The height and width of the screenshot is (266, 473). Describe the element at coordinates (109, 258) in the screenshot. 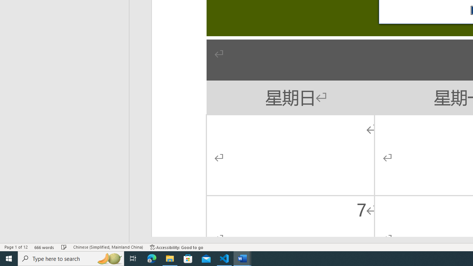

I see `'Search highlights icon opens search home window'` at that location.